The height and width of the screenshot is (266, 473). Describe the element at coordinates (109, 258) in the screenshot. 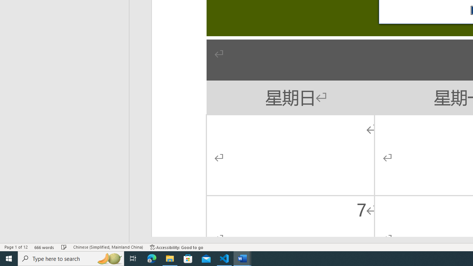

I see `'Search highlights icon opens search home window'` at that location.